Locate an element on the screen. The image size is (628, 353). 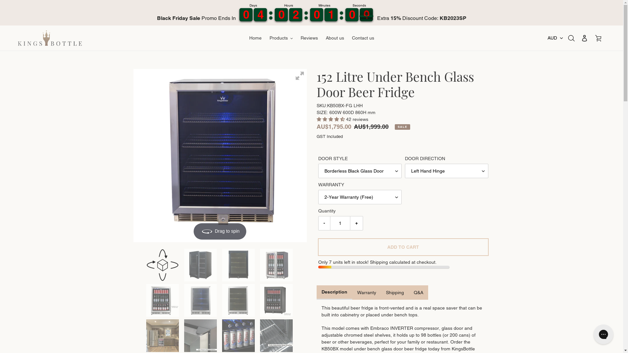
'2' is located at coordinates (331, 15).